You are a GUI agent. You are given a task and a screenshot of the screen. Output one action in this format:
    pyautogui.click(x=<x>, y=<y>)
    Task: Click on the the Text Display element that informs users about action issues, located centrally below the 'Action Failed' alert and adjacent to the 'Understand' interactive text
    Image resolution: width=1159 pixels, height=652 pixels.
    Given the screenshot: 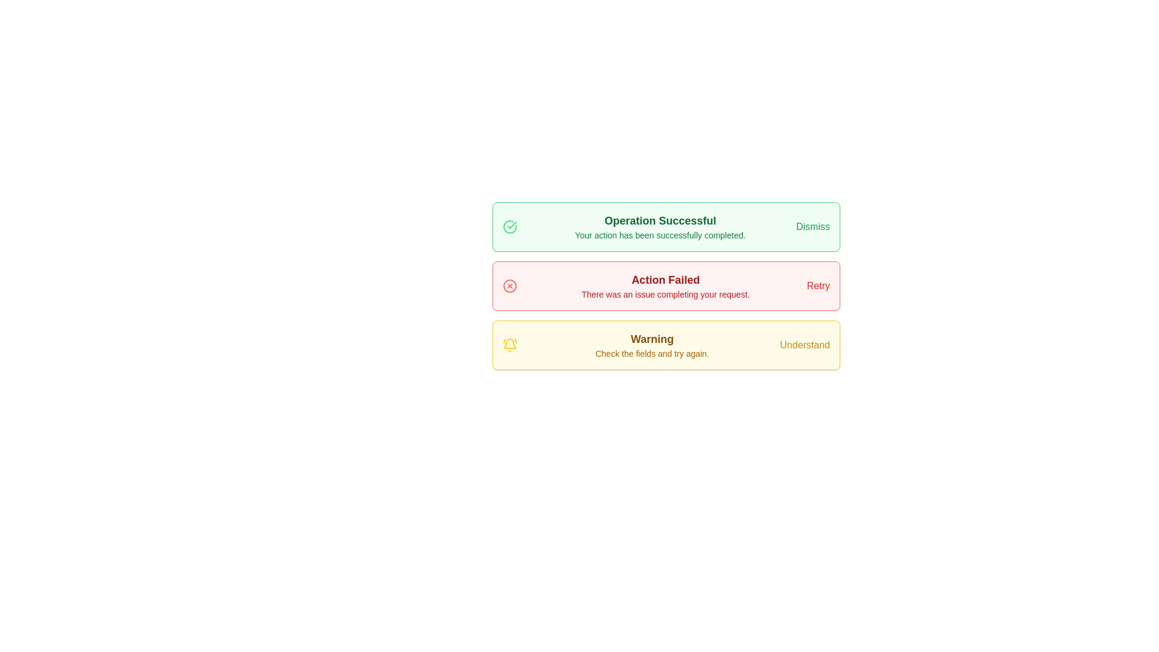 What is the action you would take?
    pyautogui.click(x=651, y=345)
    